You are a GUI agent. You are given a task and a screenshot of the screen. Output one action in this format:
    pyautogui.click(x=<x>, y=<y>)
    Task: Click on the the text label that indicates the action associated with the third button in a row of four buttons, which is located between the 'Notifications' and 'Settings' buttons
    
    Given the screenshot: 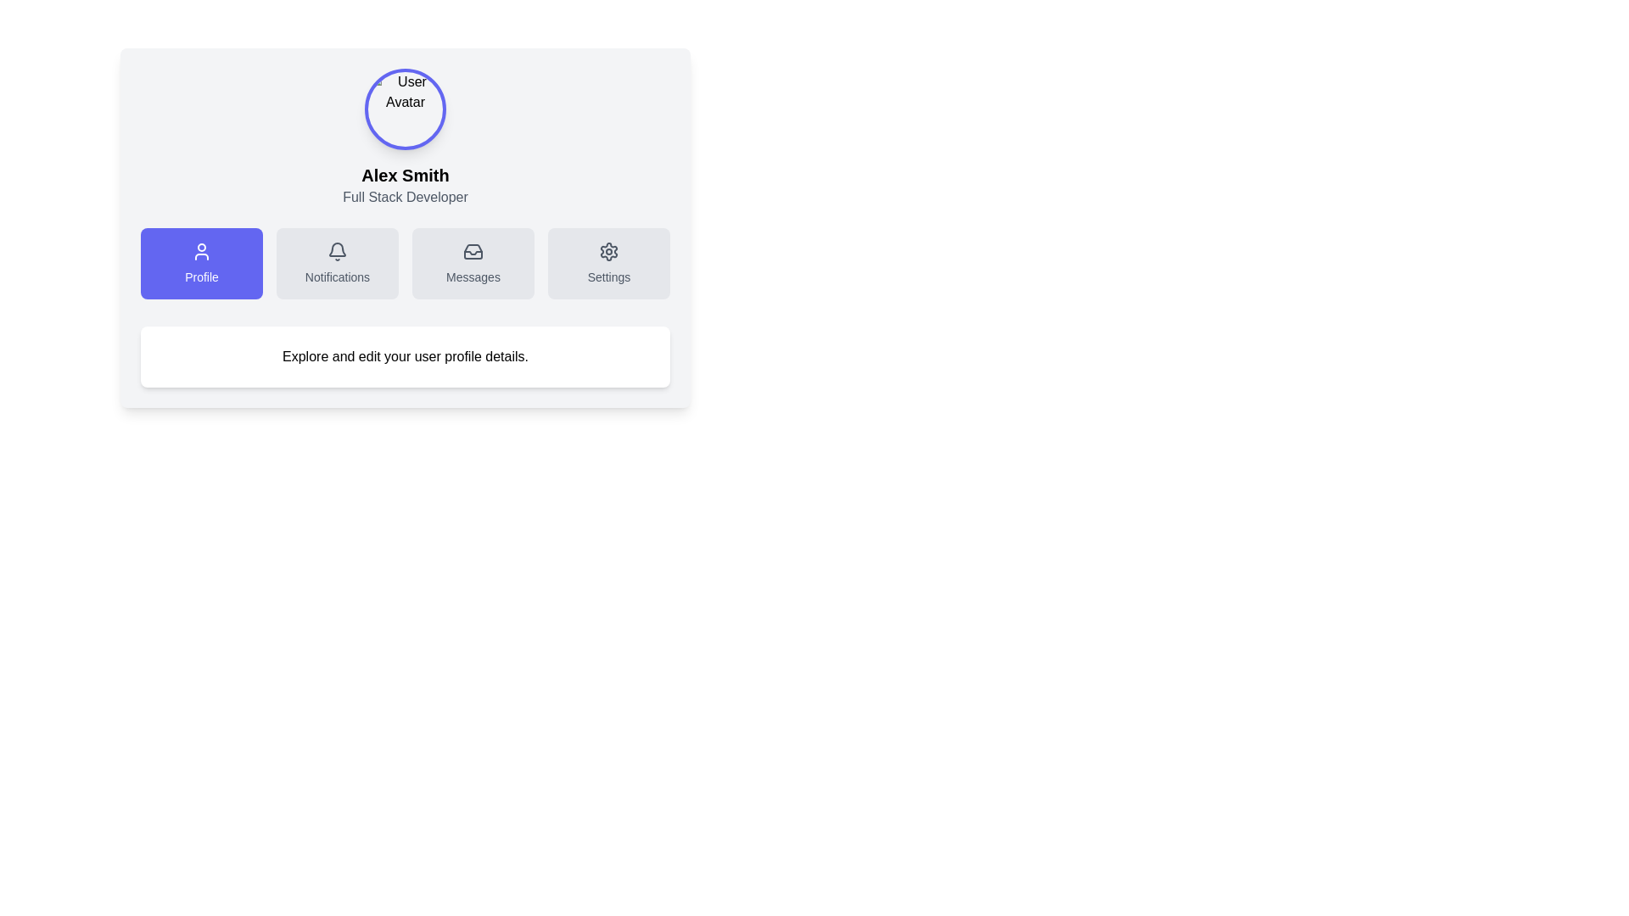 What is the action you would take?
    pyautogui.click(x=473, y=276)
    